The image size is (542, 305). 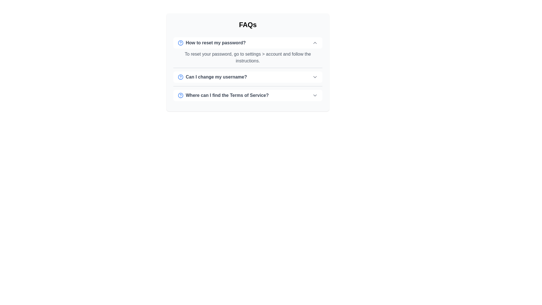 What do you see at coordinates (180, 77) in the screenshot?
I see `the help or informational icon located to the left of the 'Can I change my username?' text in the FAQ section` at bounding box center [180, 77].